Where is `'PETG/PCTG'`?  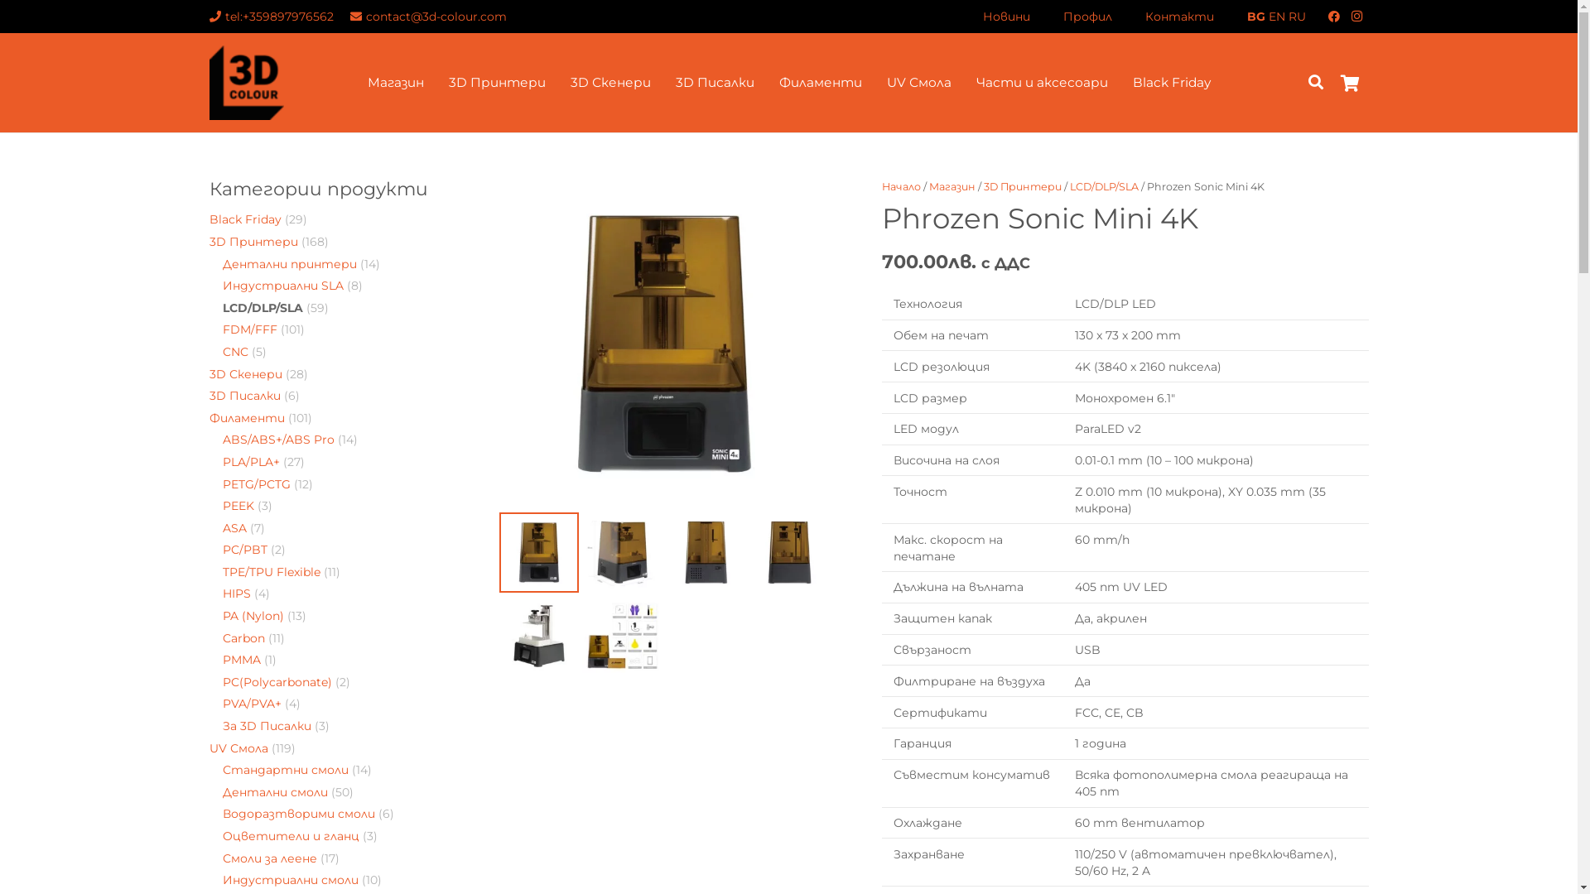
'PETG/PCTG' is located at coordinates (221, 484).